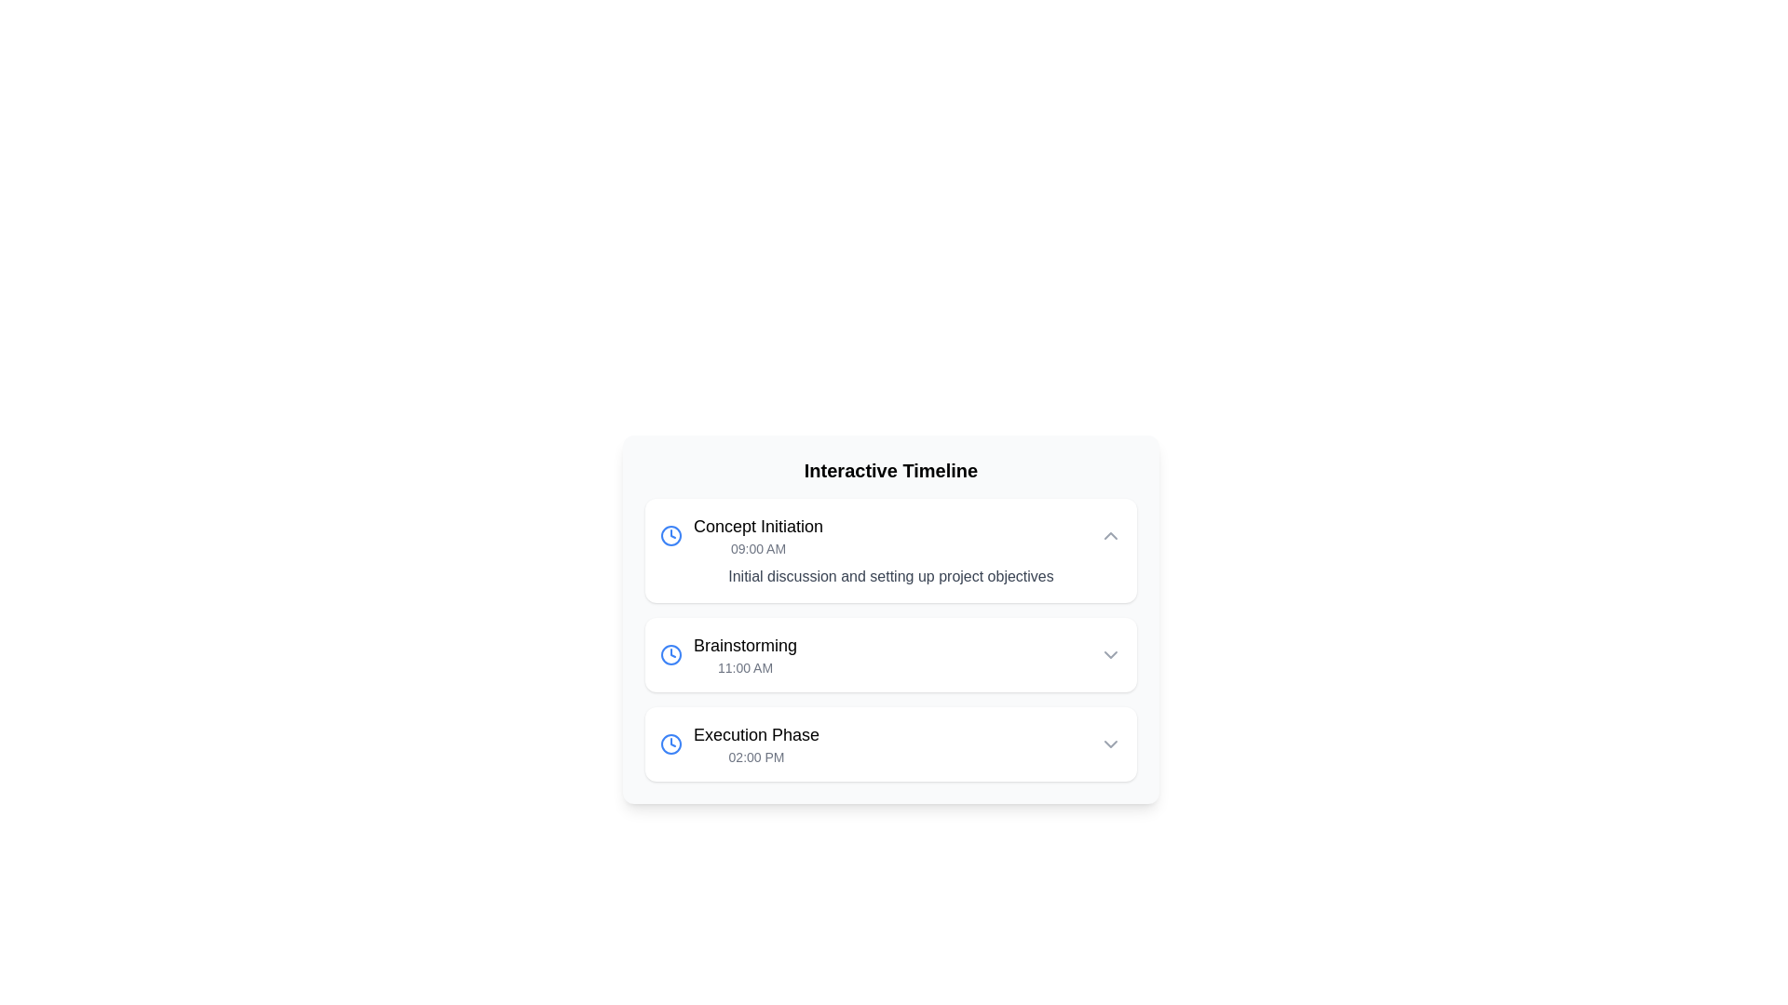  I want to click on the first entry in the timeline labeled 'Concept Initiation', which shows the scheduled time '09:00 AM', so click(889, 535).